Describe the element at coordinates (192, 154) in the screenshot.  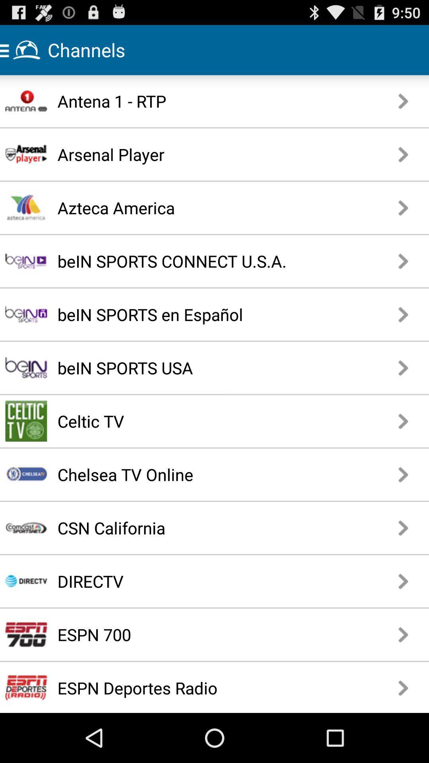
I see `the arsenal player icon` at that location.